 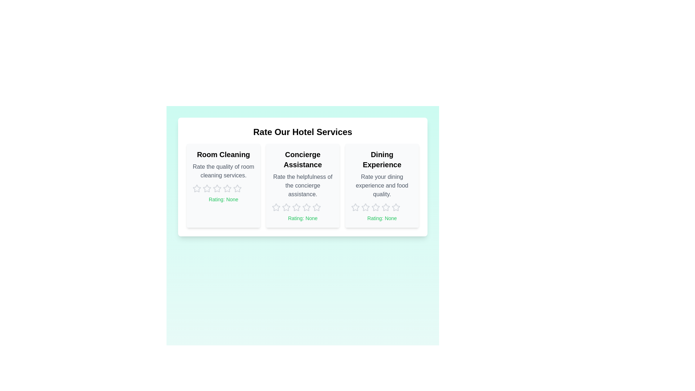 What do you see at coordinates (237, 188) in the screenshot?
I see `the rating for 'Room Cleaning' to 5 stars` at bounding box center [237, 188].